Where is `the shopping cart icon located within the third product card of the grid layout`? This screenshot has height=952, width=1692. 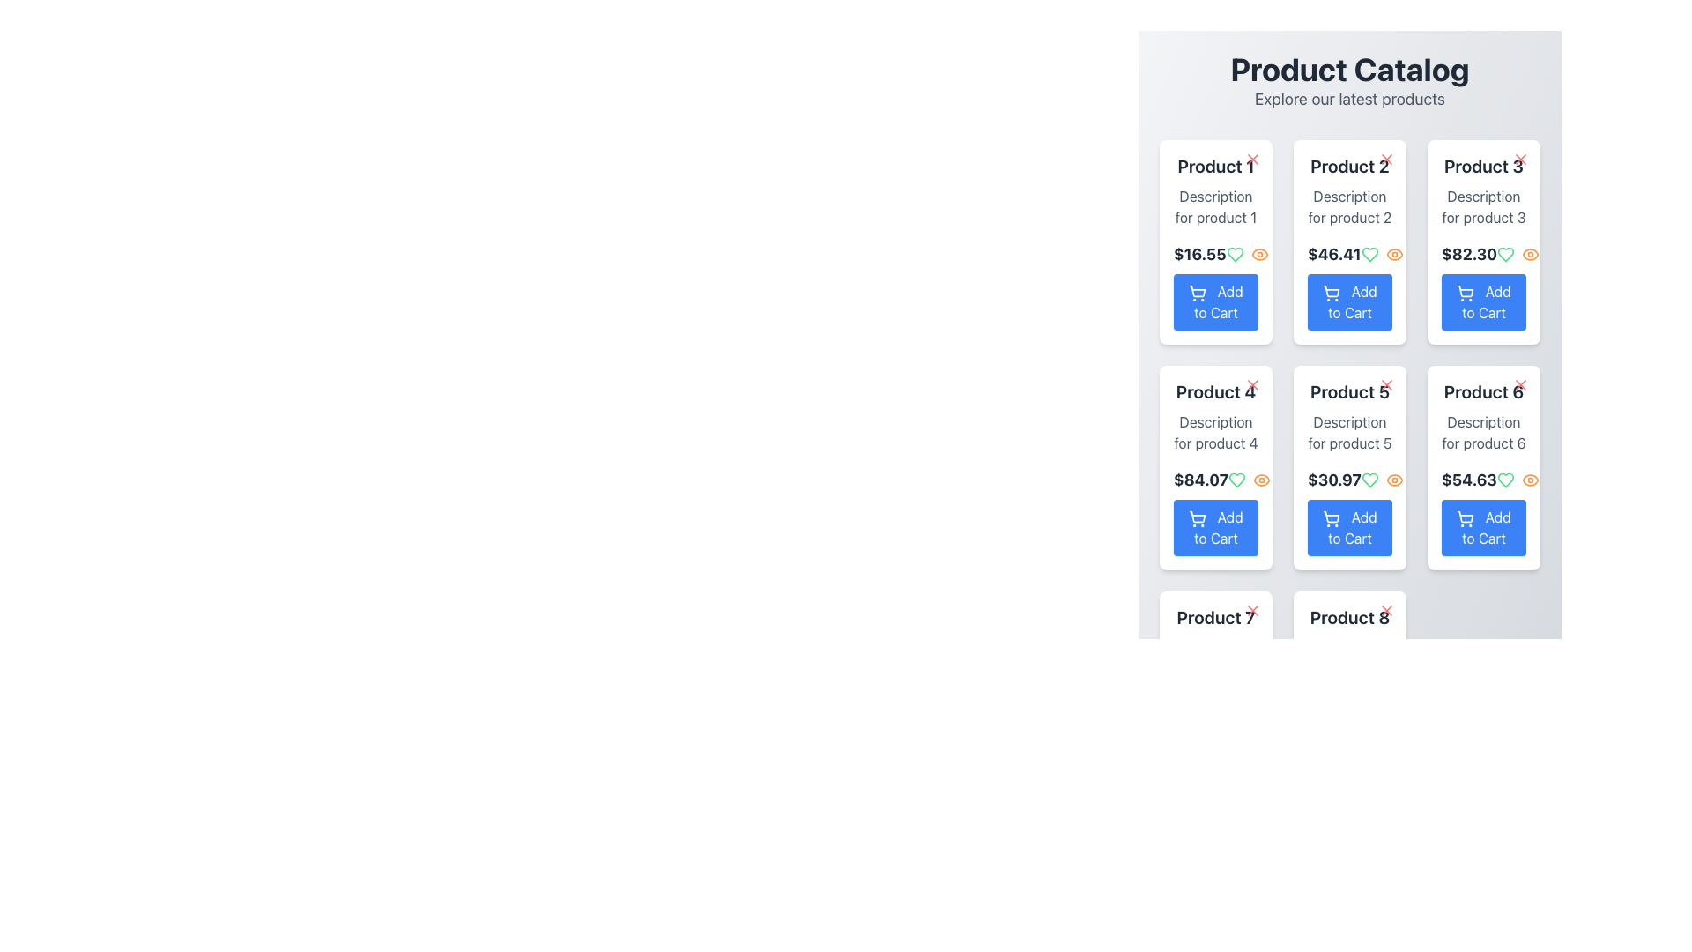 the shopping cart icon located within the third product card of the grid layout is located at coordinates (1466, 290).